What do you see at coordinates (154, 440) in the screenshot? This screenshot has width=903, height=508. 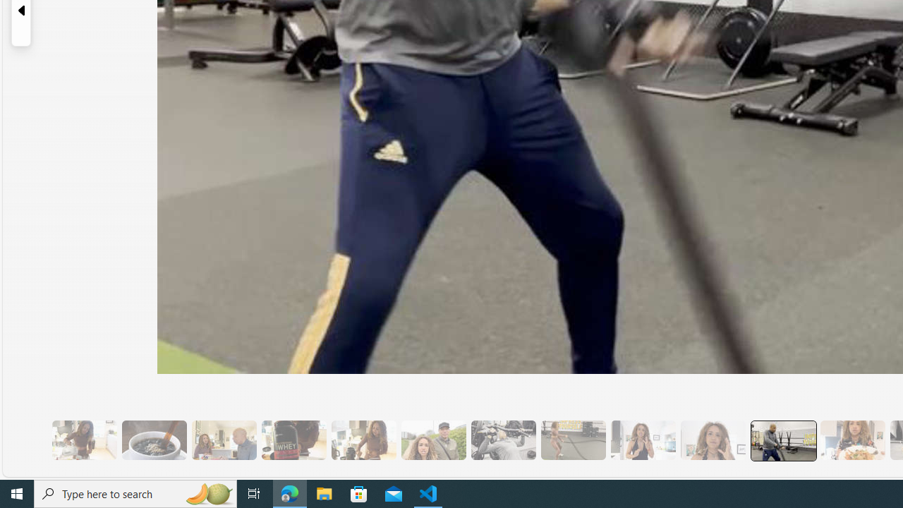 I see `'8 Be Mindful of Coffee'` at bounding box center [154, 440].